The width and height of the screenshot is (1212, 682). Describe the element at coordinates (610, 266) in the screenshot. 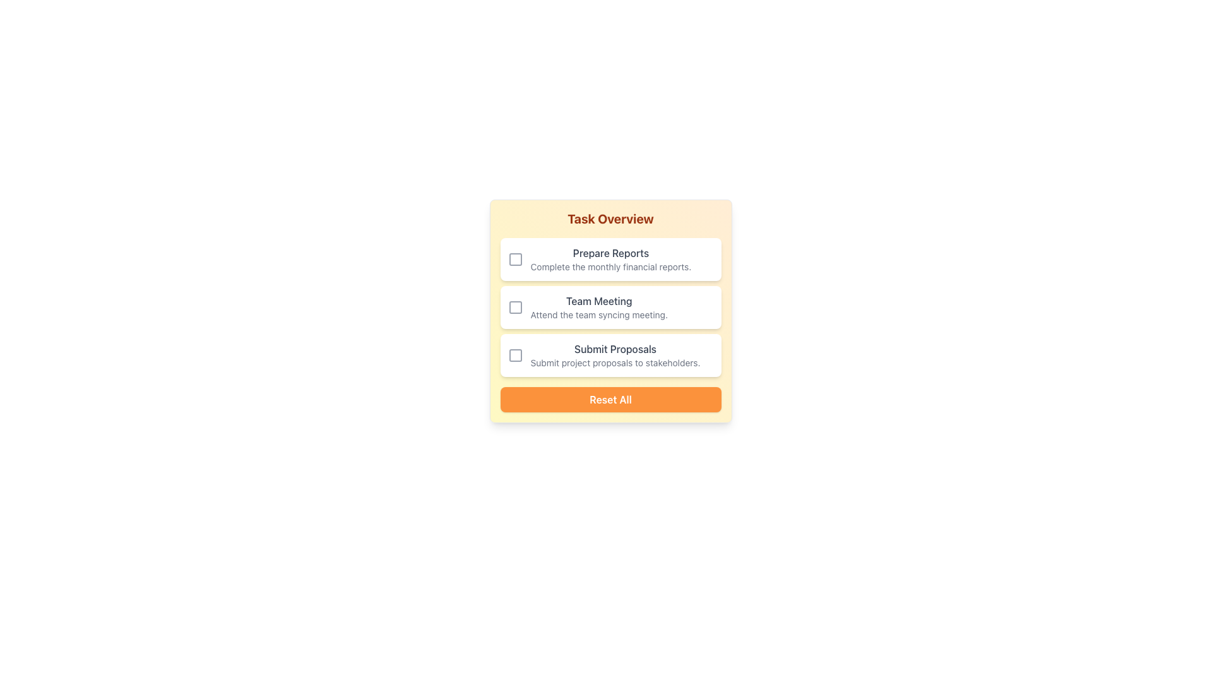

I see `the additional information text related to the task labeled 'Prepare Reports,' which is located directly beneath the heading in the first row of tasks` at that location.